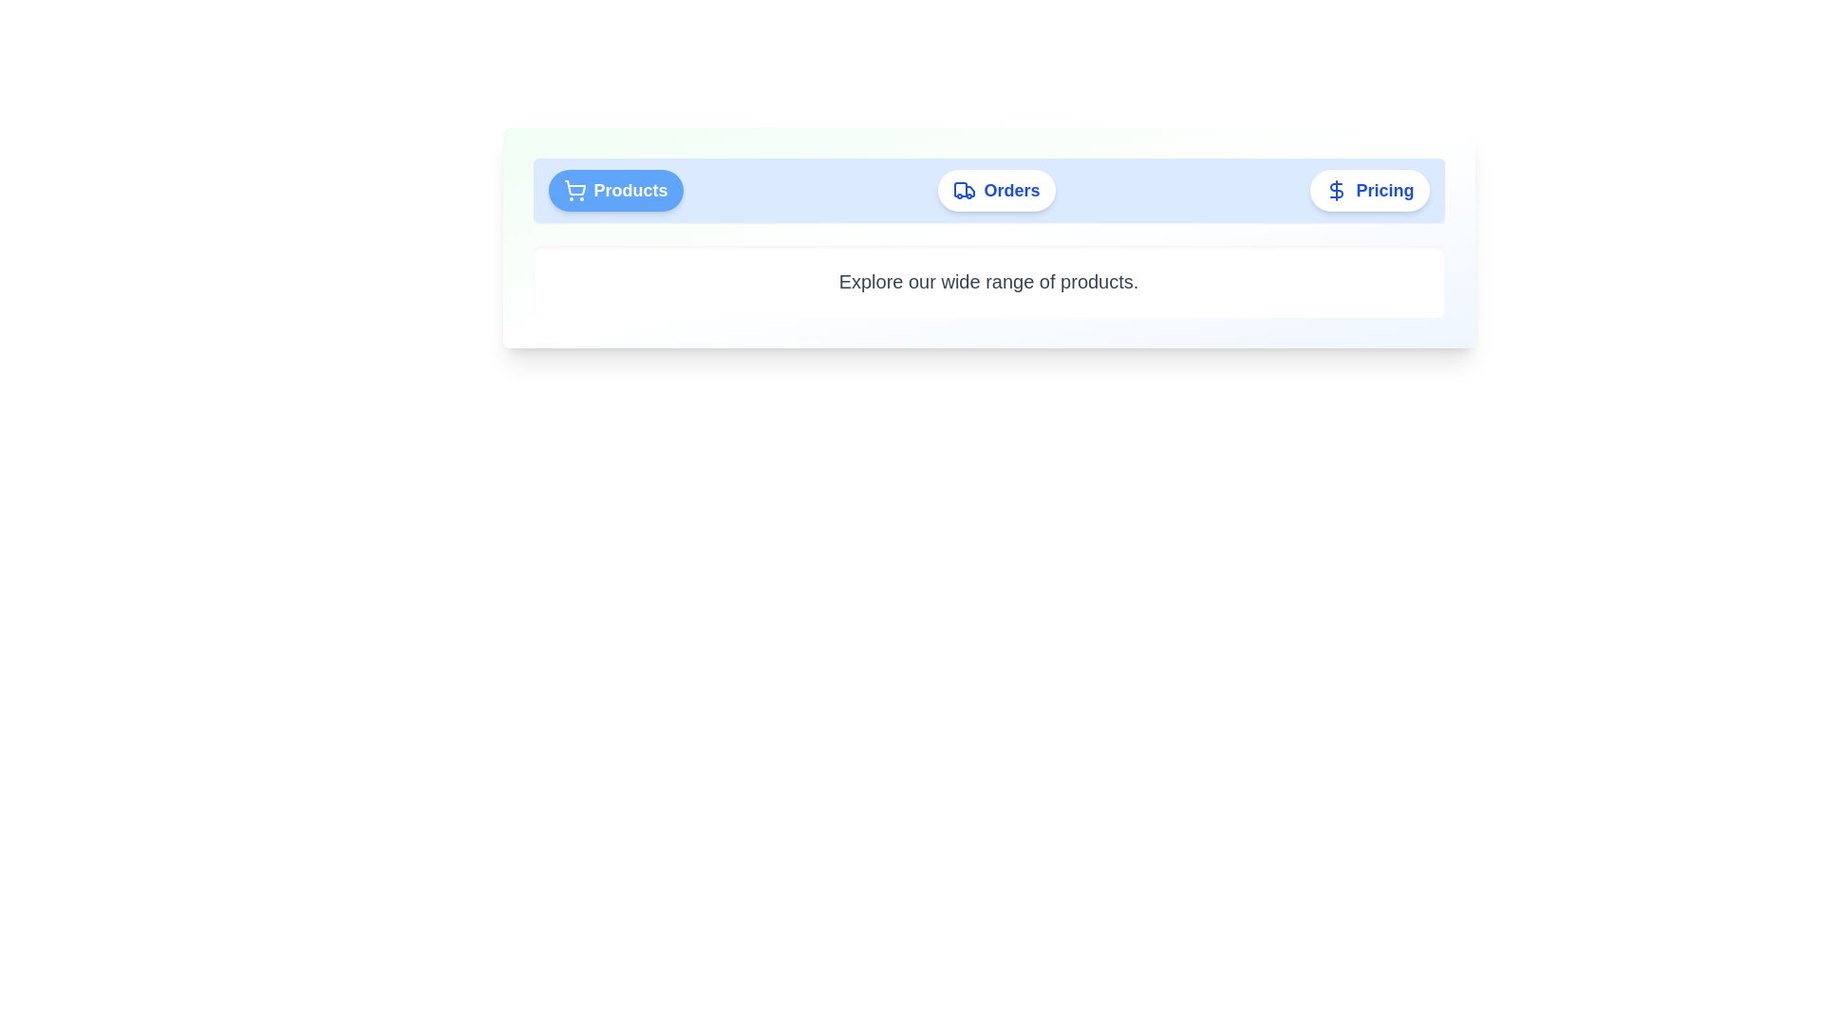 The width and height of the screenshot is (1823, 1025). Describe the element at coordinates (1370, 190) in the screenshot. I see `the Pricing tab to view its content` at that location.